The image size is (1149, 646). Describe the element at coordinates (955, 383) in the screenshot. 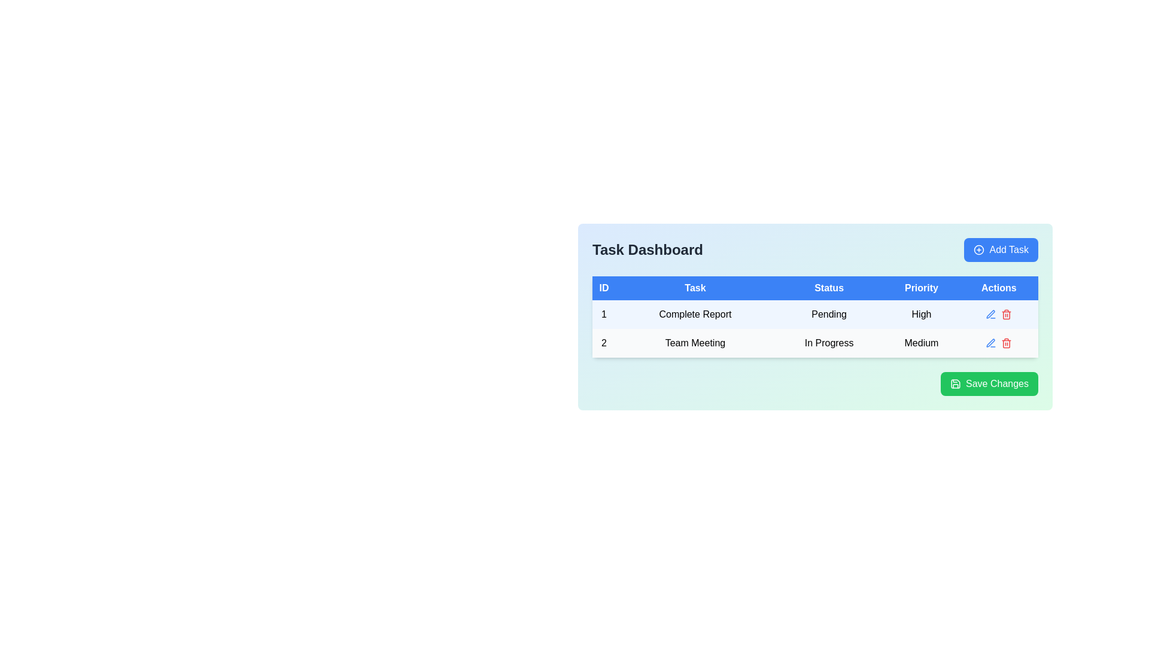

I see `the save icon` at that location.